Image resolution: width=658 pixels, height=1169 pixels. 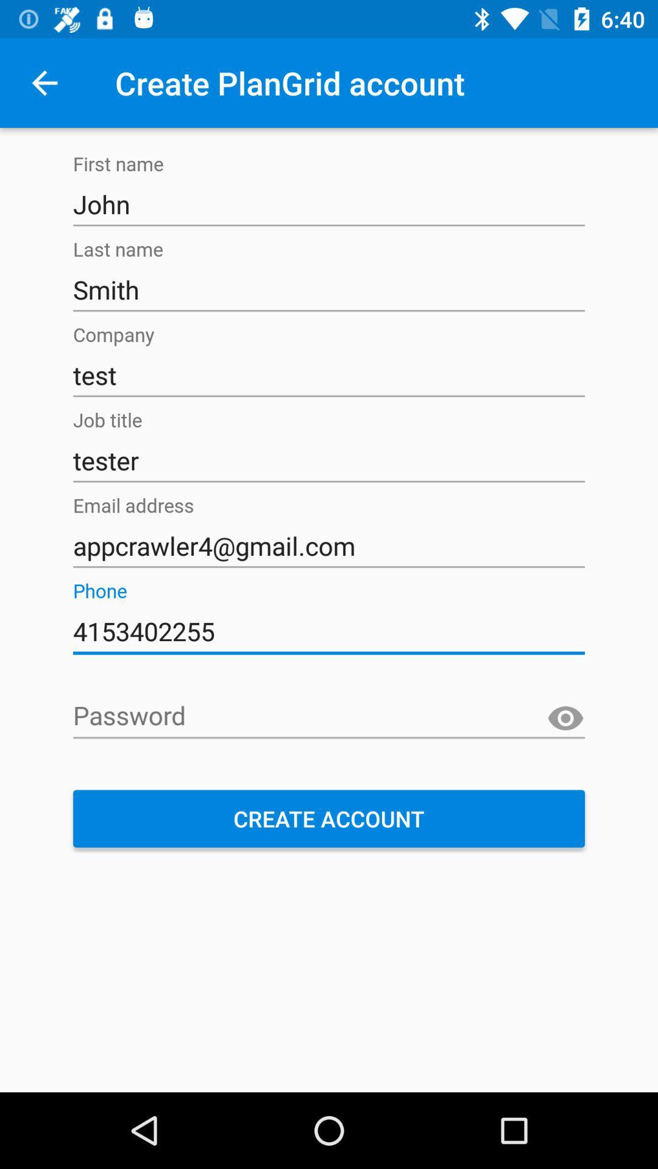 I want to click on the icon above the tester item, so click(x=329, y=374).